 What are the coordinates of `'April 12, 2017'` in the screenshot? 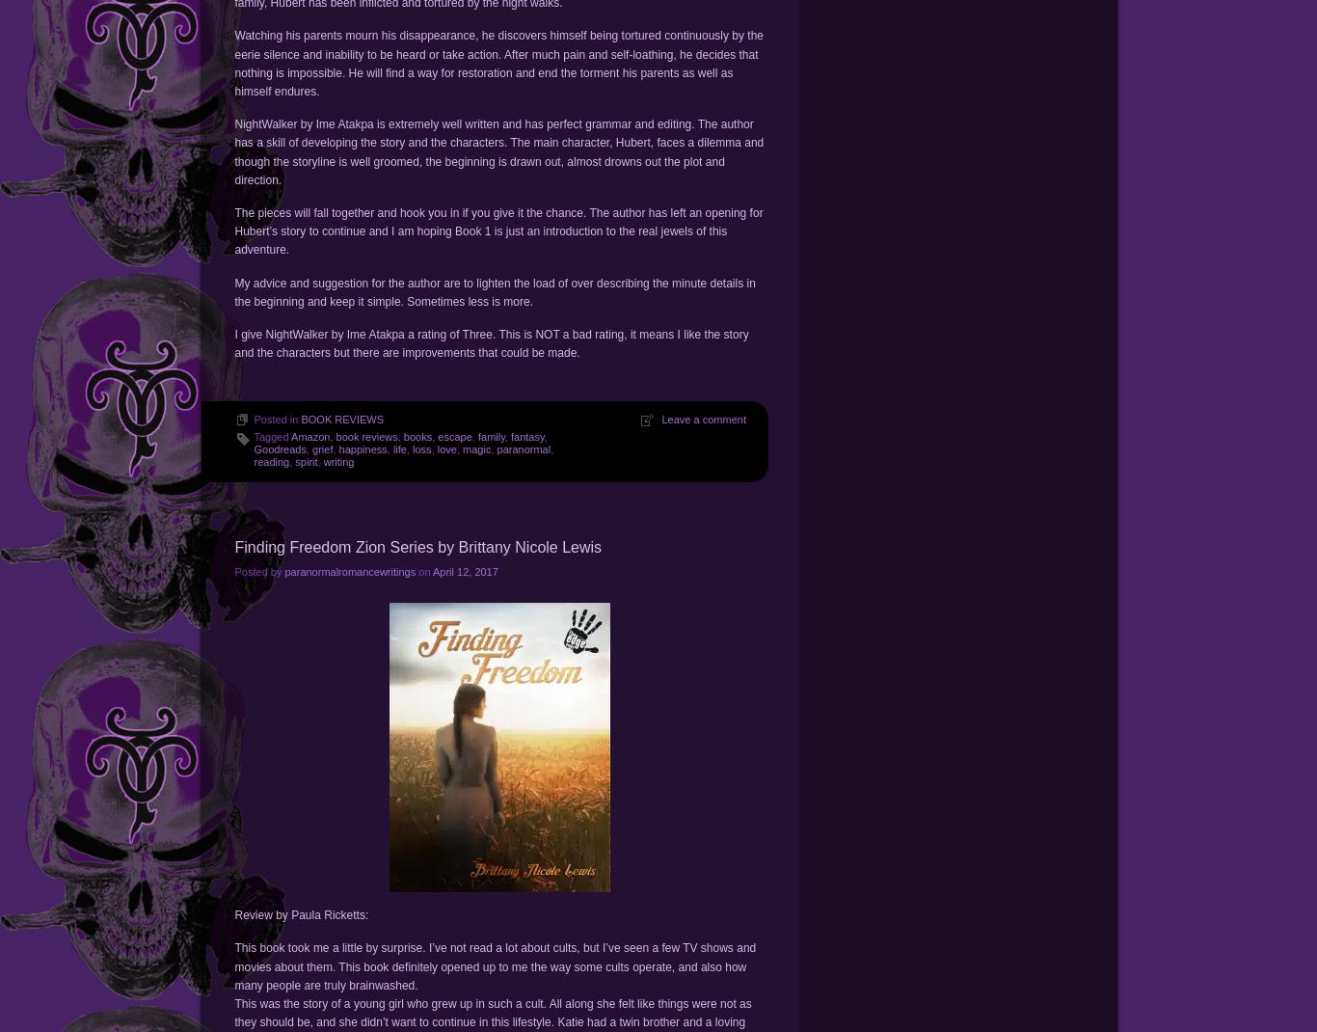 It's located at (465, 570).